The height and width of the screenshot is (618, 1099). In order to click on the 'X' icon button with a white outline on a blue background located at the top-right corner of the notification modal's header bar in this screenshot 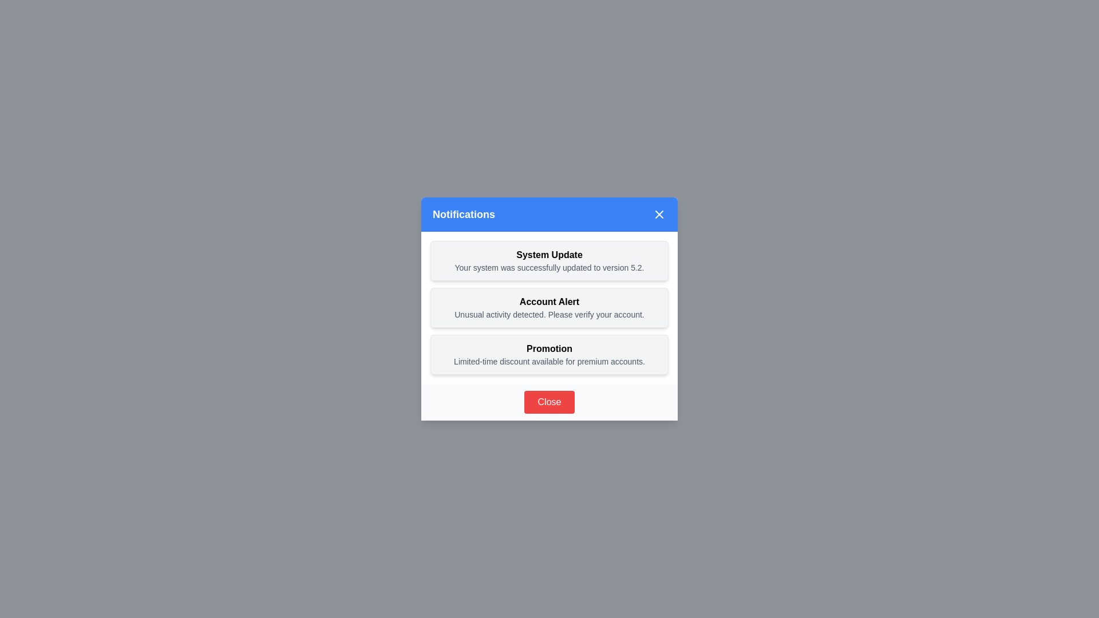, I will do `click(659, 214)`.